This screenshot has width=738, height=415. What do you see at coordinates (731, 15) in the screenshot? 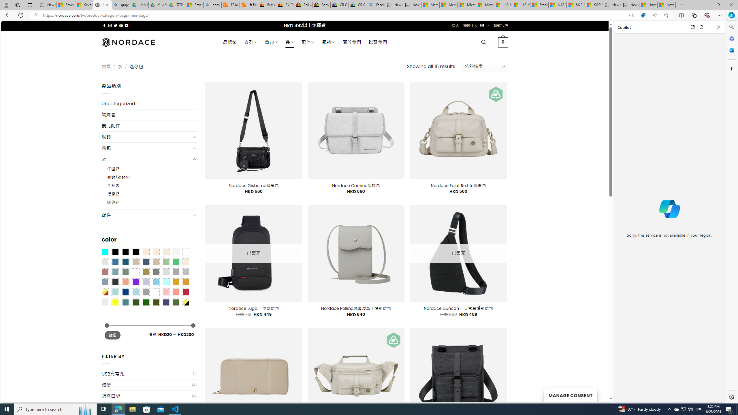
I see `'Copilot (Ctrl+Shift+.)'` at bounding box center [731, 15].